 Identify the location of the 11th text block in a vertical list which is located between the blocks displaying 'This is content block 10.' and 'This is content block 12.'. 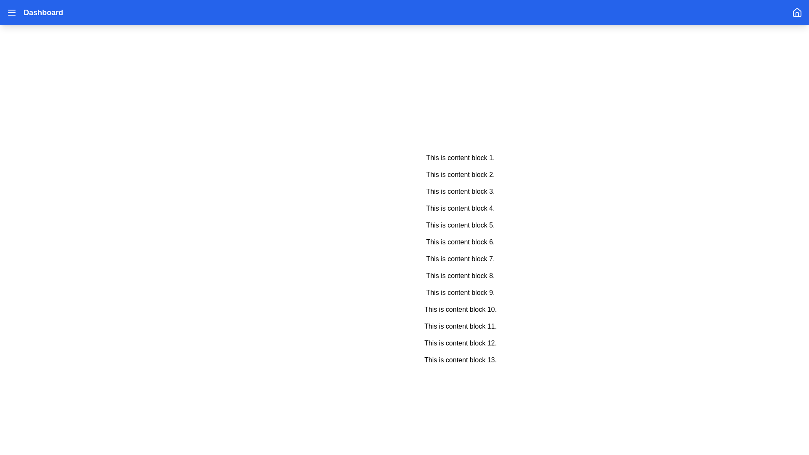
(460, 326).